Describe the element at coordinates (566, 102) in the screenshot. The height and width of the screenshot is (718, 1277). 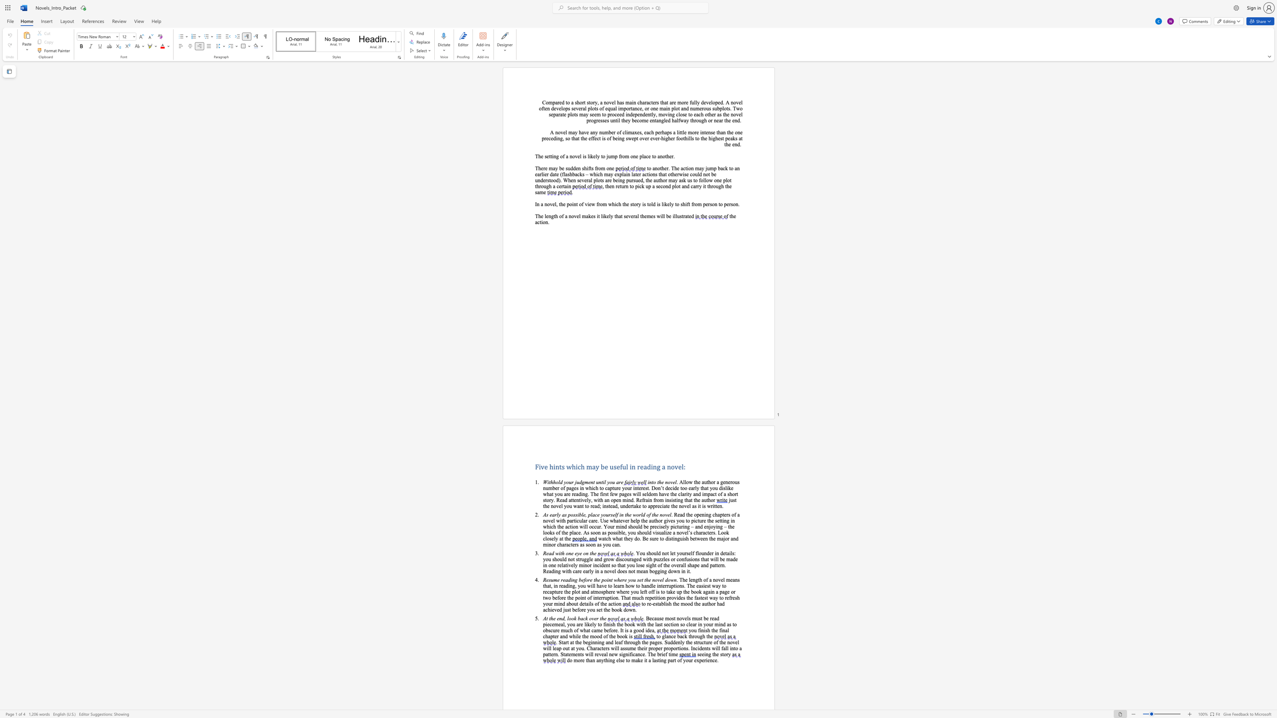
I see `the subset text "o a short story, a novel has main characters that are more fully developed. A novel often de" within the text "Compared to a short story, a novel has main characters that are more fully developed. A novel often develops several plots of equal importance, or one main plot and"` at that location.